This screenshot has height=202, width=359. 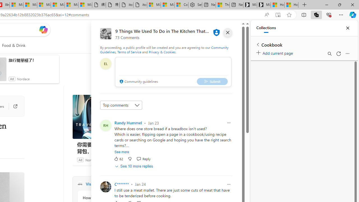 I want to click on 'close', so click(x=228, y=32).